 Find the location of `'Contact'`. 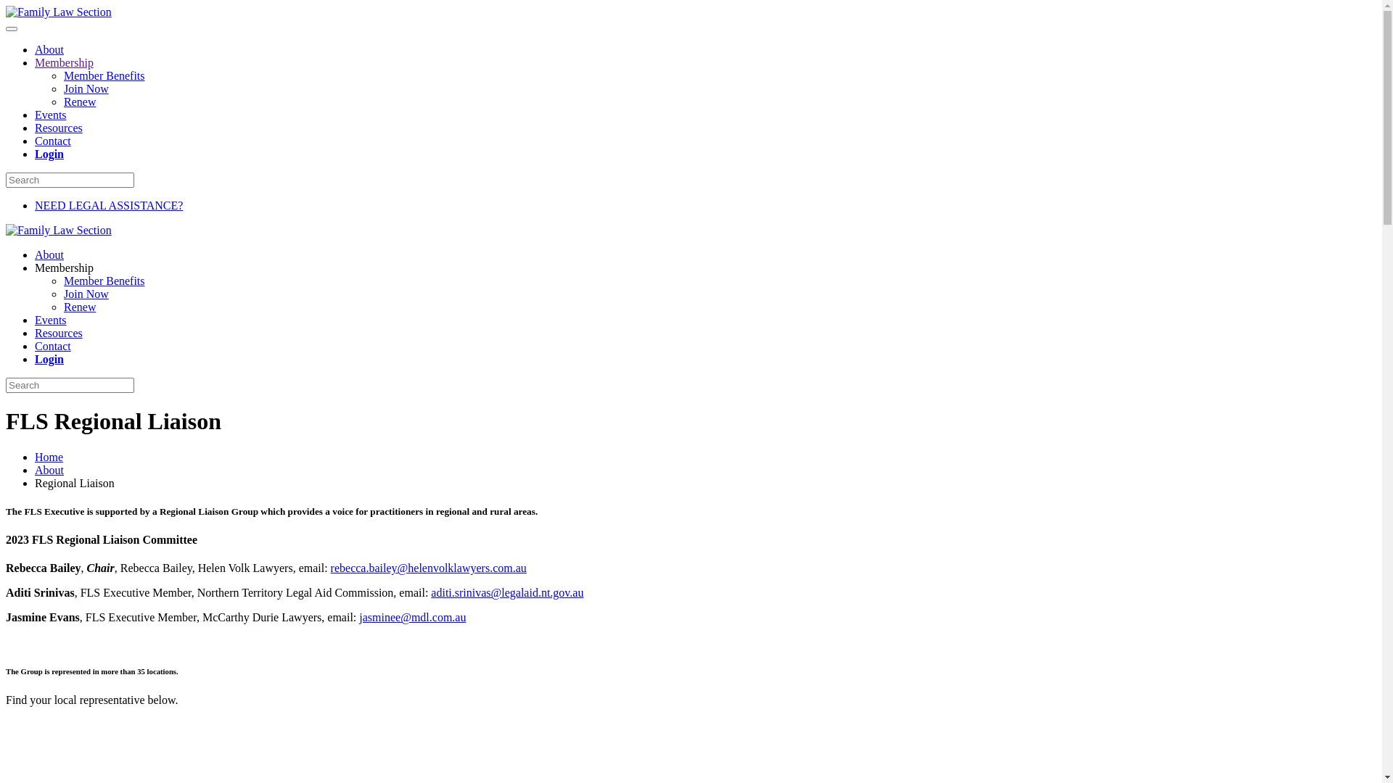

'Contact' is located at coordinates (52, 141).